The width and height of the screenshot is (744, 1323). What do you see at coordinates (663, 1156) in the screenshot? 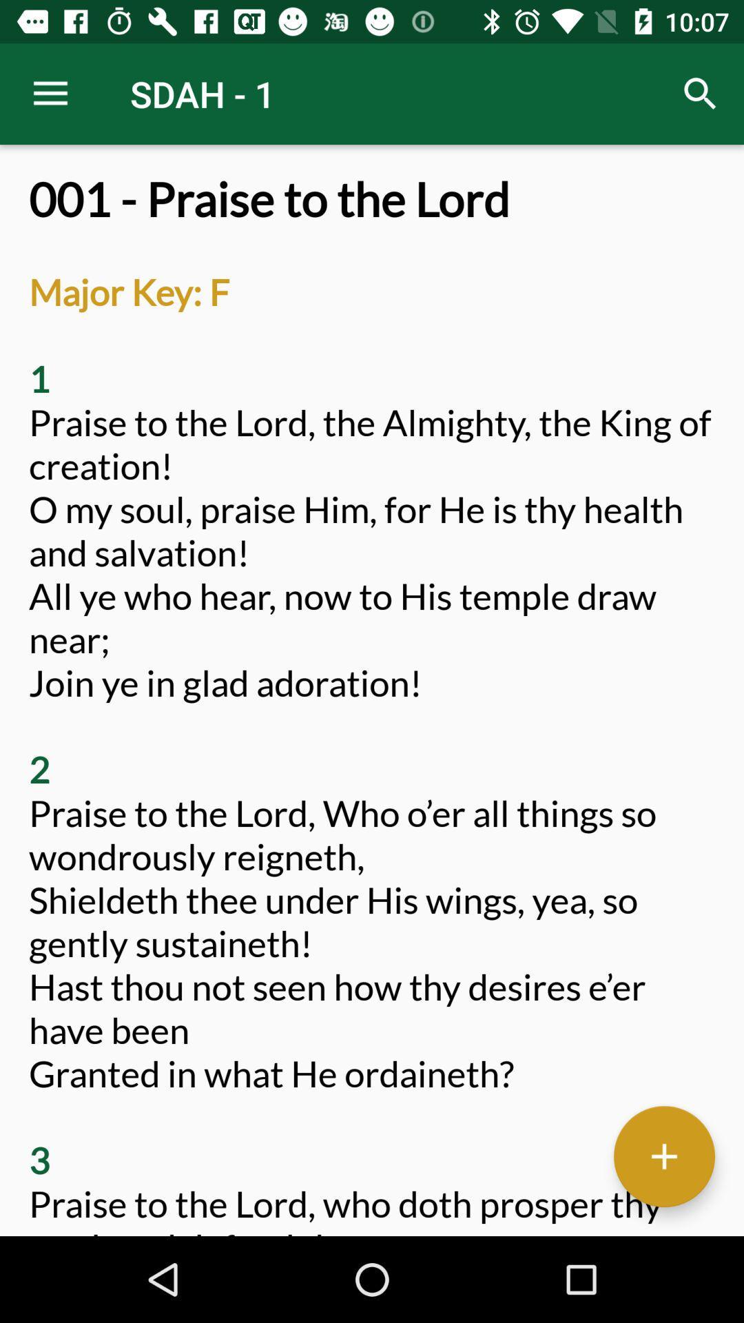
I see `button to add content` at bounding box center [663, 1156].